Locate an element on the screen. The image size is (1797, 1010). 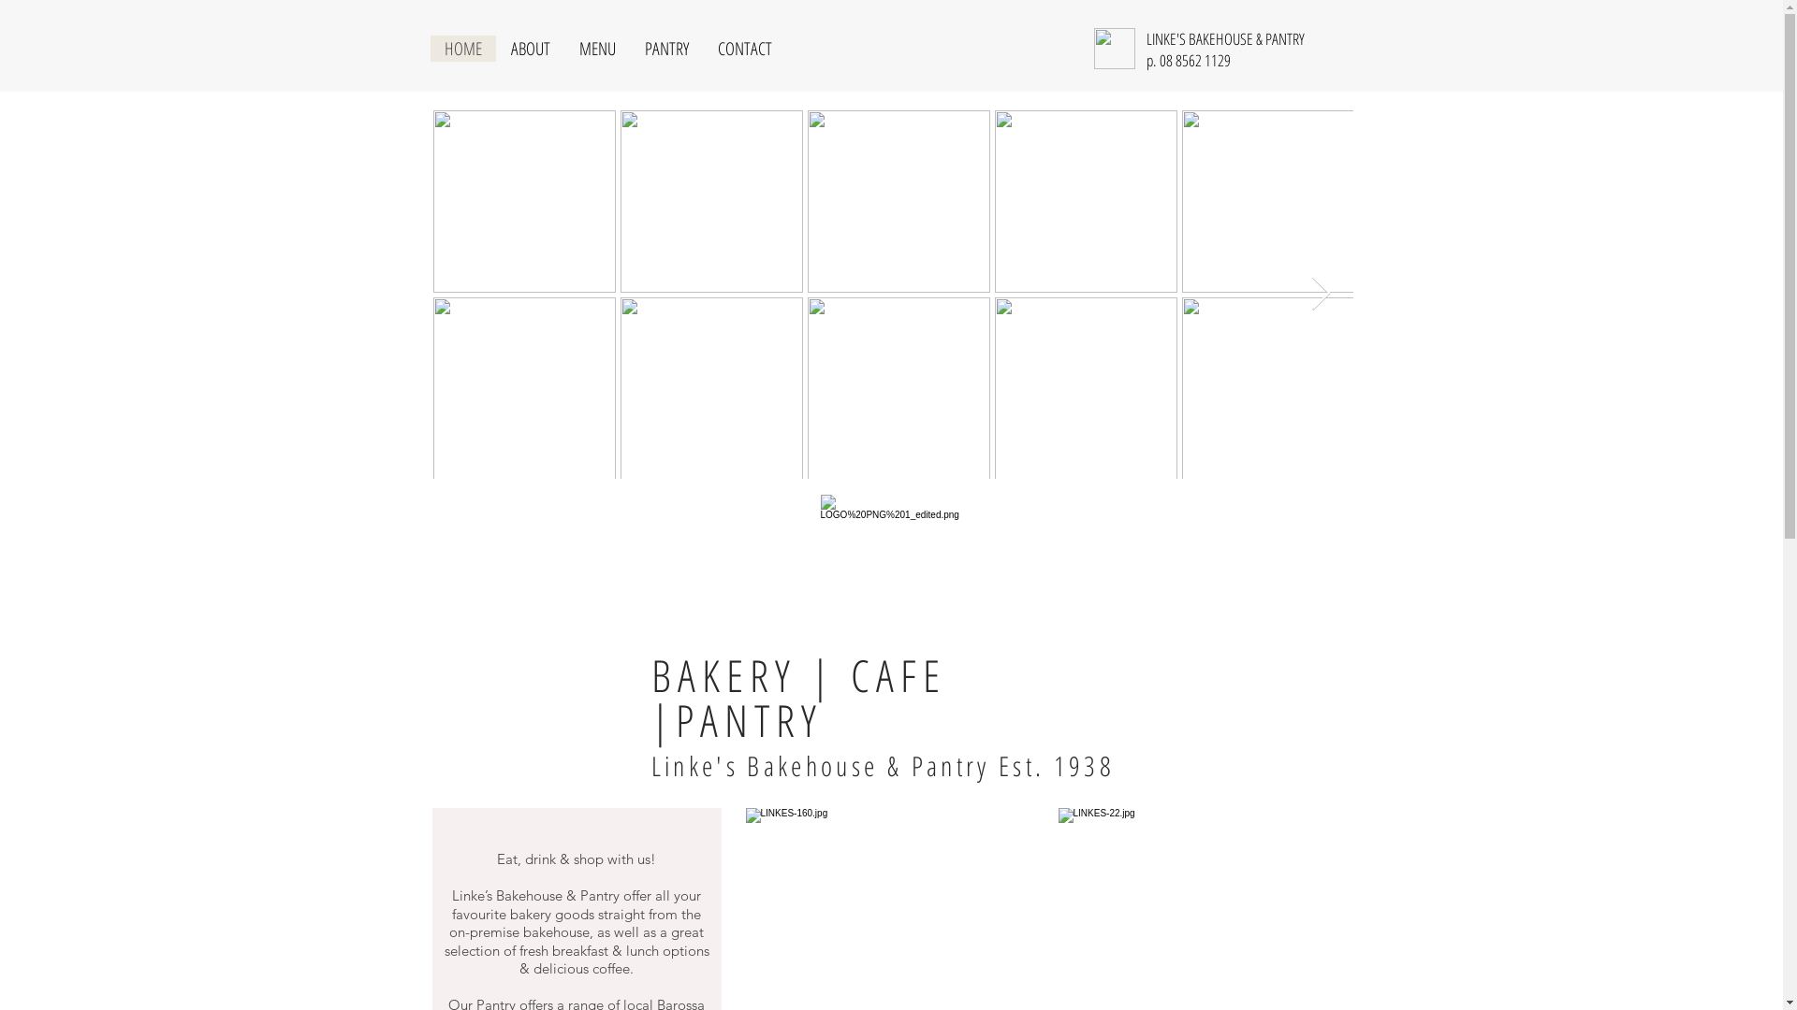
'PANTRY' is located at coordinates (629, 47).